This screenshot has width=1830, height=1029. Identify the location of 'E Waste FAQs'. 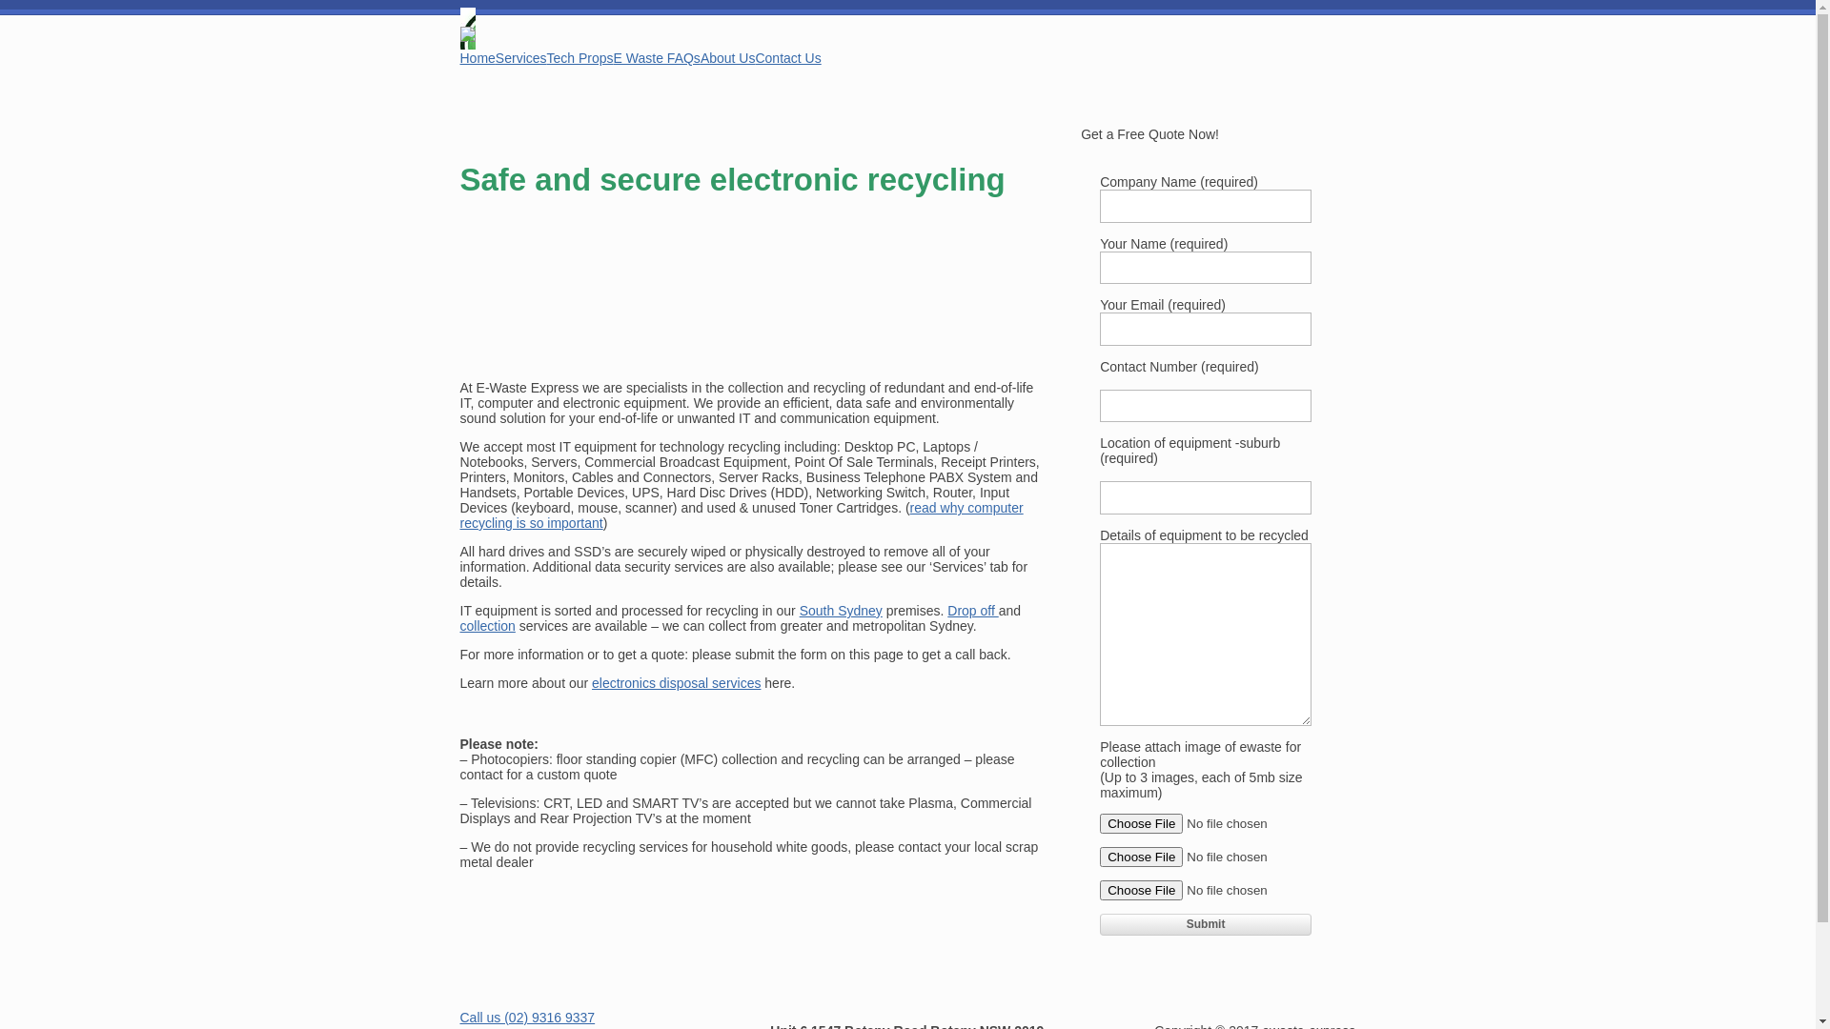
(657, 57).